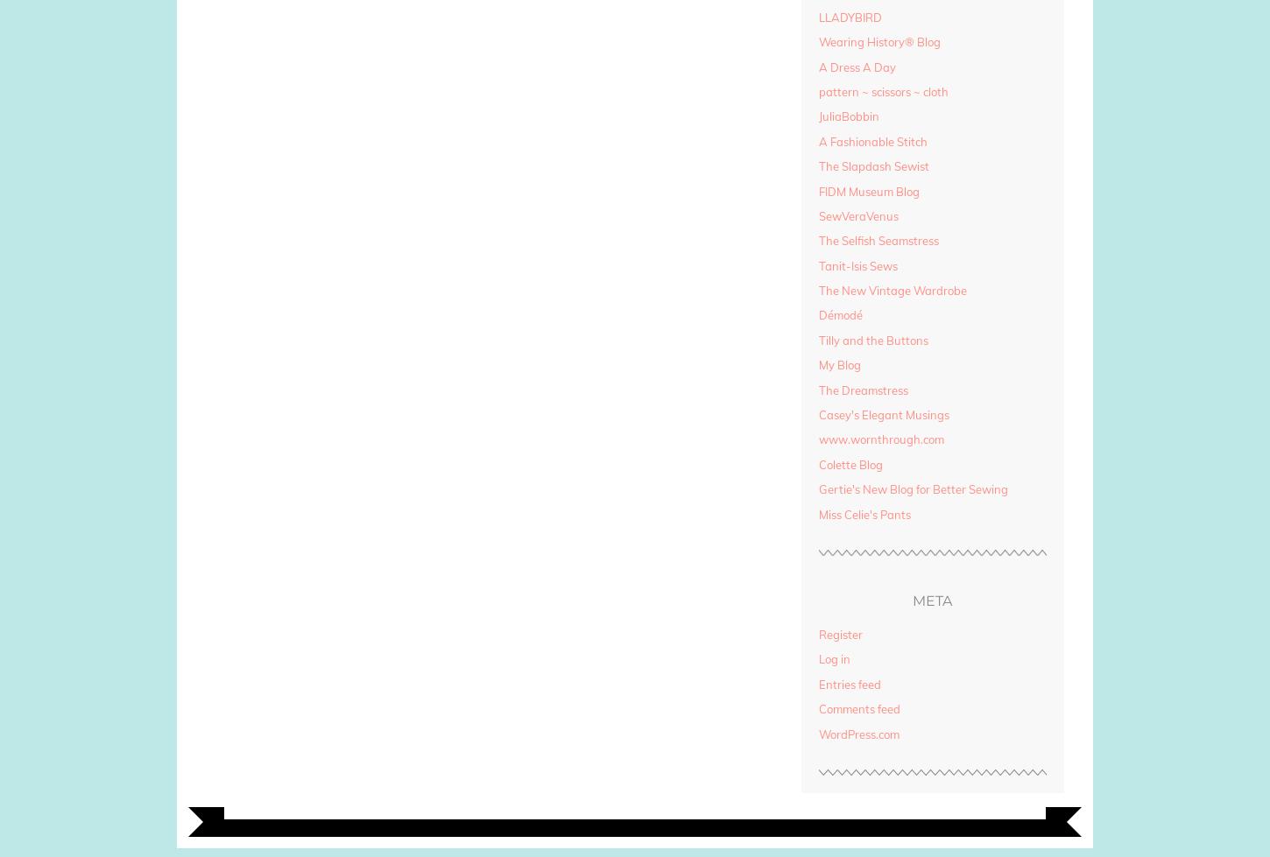 This screenshot has height=857, width=1270. Describe the element at coordinates (873, 166) in the screenshot. I see `'The Slapdash Sewist'` at that location.